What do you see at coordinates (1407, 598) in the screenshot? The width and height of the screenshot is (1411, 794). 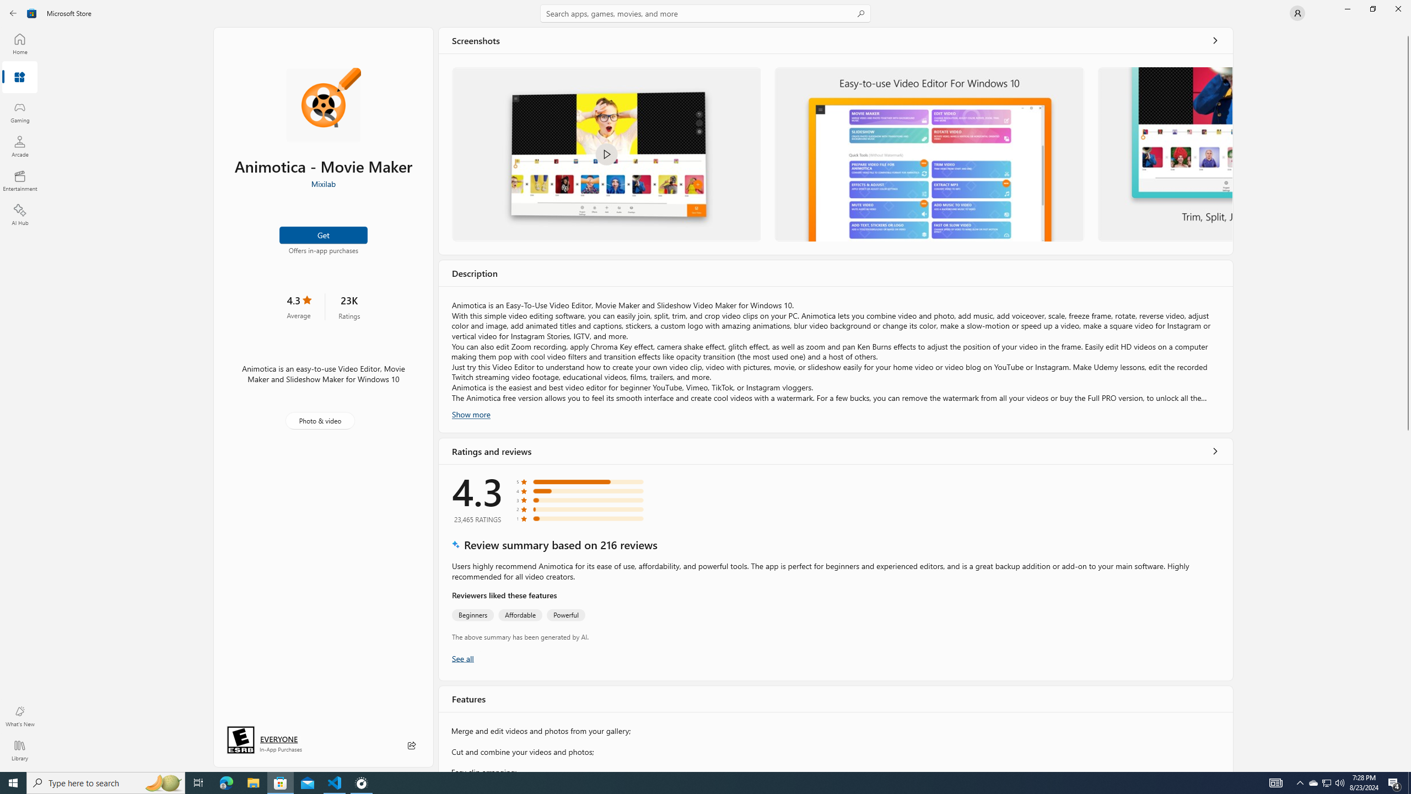 I see `'Vertical Large Increase'` at bounding box center [1407, 598].